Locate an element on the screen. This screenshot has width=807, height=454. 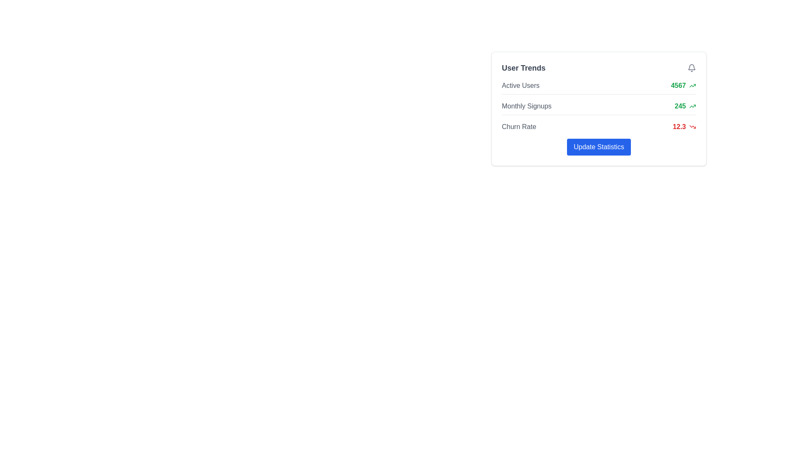
the upward trend arrow icon located to the right of the numeric value '245' in the 'Monthly Signups' row of the 'User Trends' panel is located at coordinates (692, 106).